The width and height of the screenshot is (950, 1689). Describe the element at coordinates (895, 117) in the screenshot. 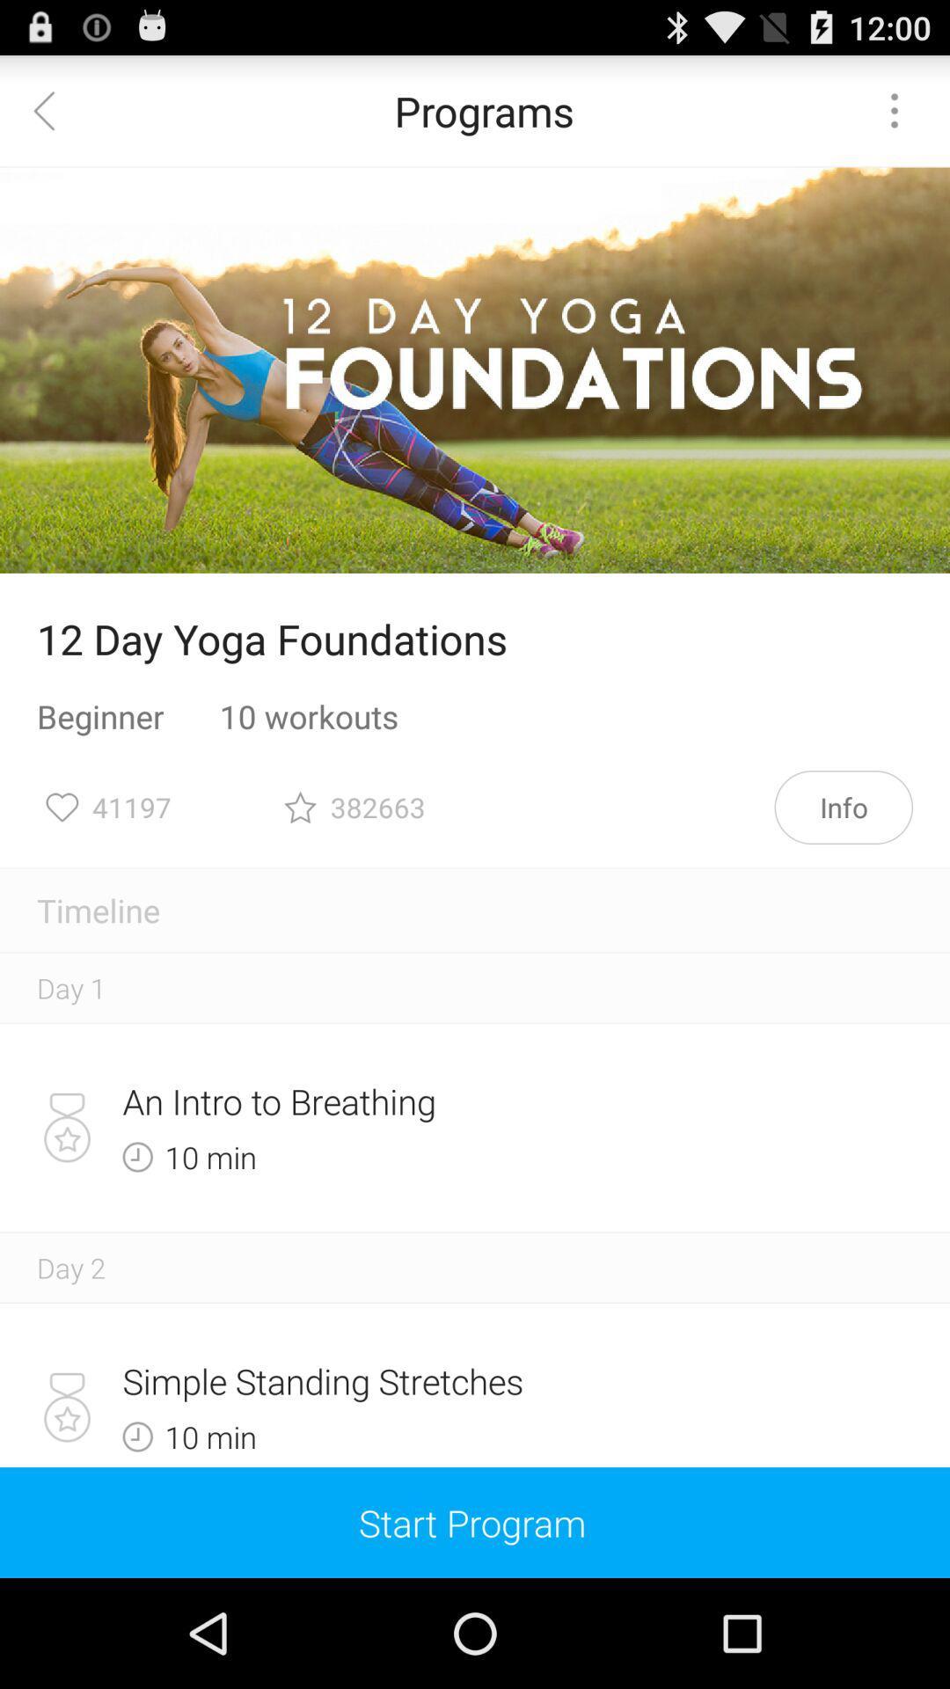

I see `the more icon` at that location.